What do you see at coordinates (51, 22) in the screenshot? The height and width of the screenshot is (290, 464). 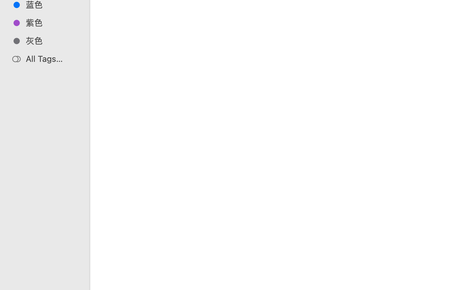 I see `'紫色'` at bounding box center [51, 22].